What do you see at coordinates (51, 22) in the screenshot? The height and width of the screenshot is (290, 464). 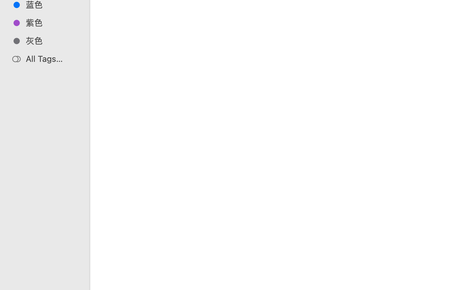 I see `'紫色'` at bounding box center [51, 22].